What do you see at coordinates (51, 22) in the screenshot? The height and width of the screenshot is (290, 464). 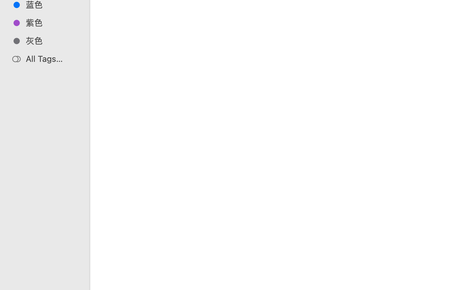 I see `'紫色'` at bounding box center [51, 22].